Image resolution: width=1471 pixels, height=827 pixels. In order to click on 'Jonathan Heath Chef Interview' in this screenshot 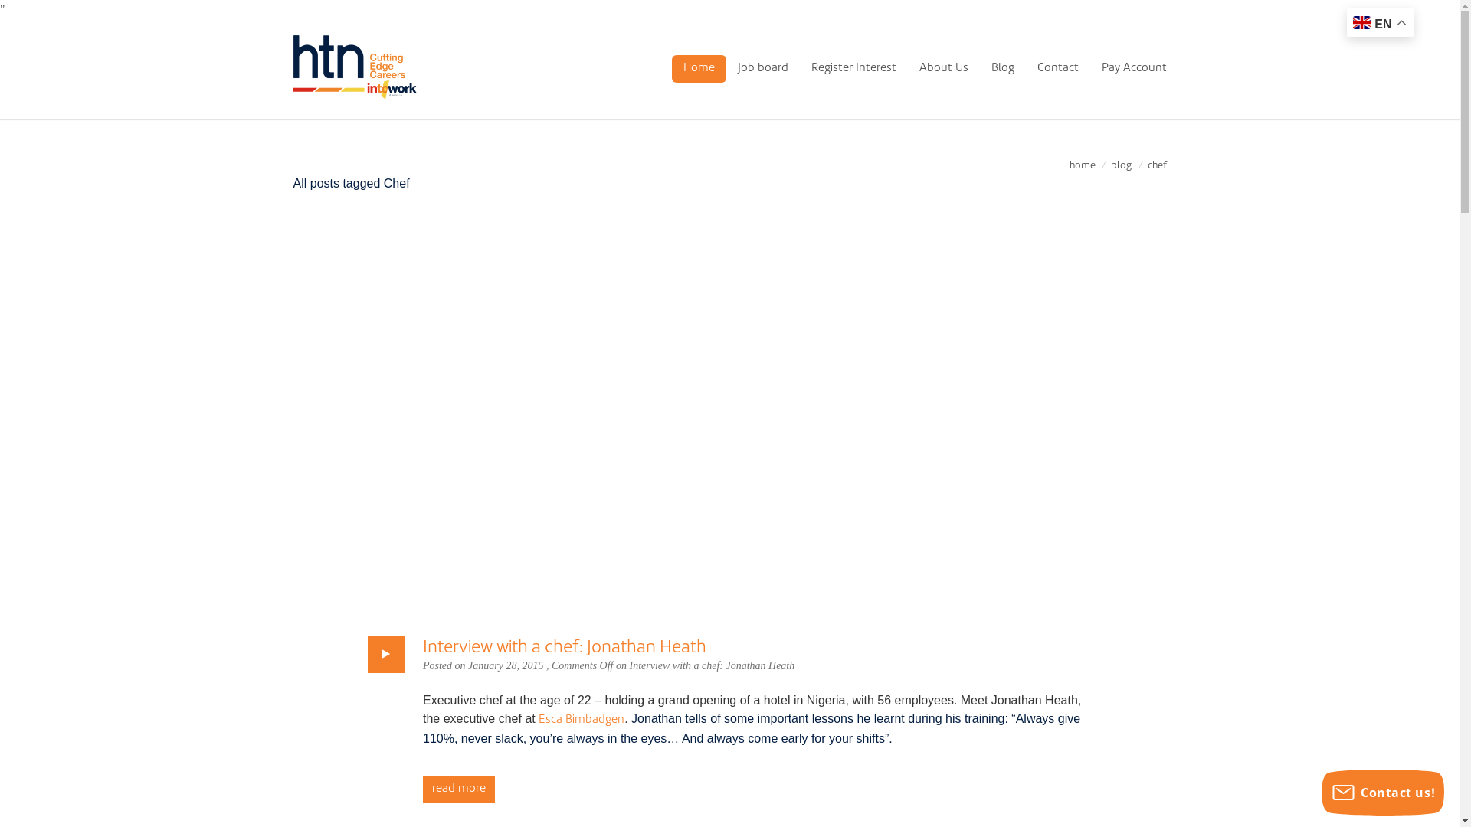, I will do `click(729, 414)`.